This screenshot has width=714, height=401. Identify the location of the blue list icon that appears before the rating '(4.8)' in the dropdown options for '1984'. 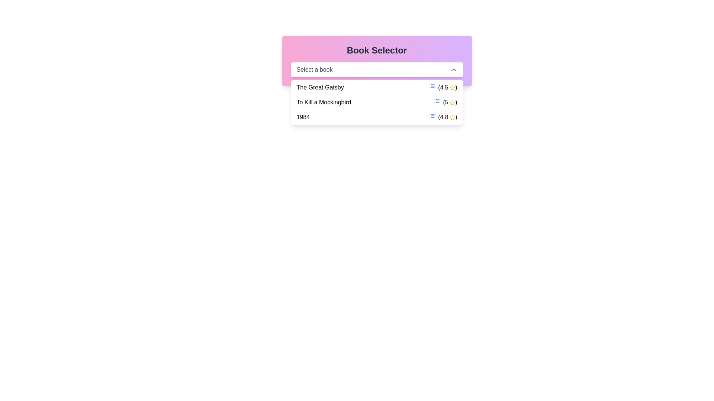
(432, 116).